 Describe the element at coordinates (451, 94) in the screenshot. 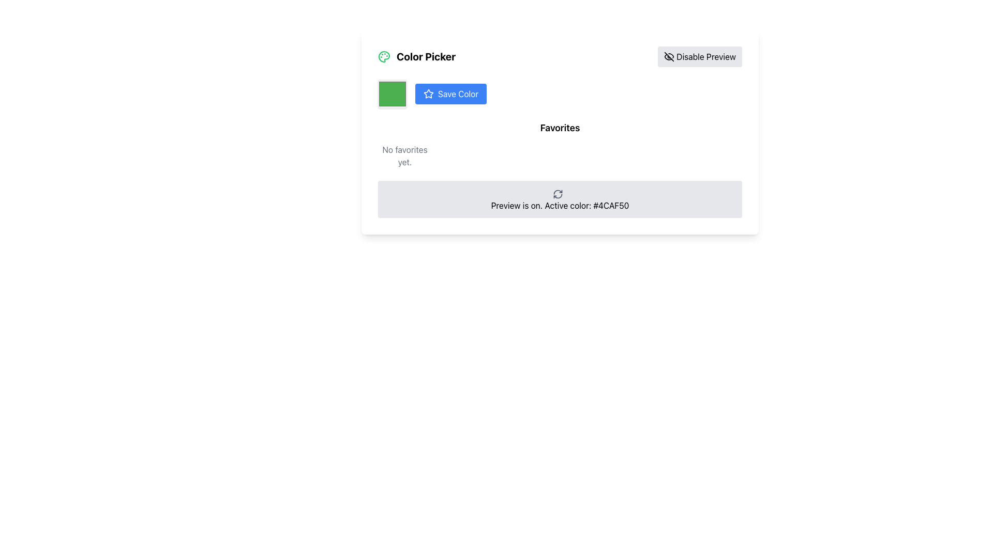

I see `the 'Save Color' button, which is a rectangular button with a blue background and white text, located to the right of the color preview box` at that location.